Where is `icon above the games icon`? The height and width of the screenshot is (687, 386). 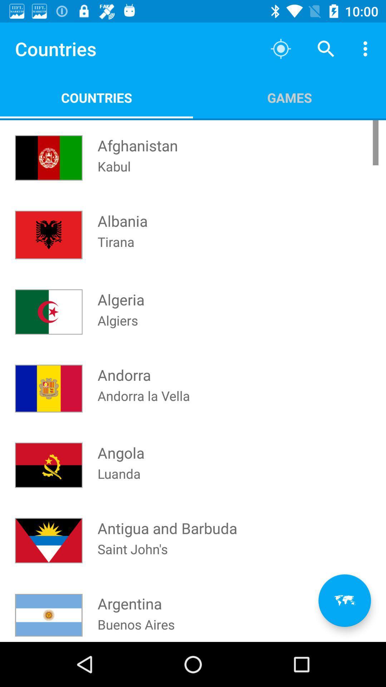 icon above the games icon is located at coordinates (326, 48).